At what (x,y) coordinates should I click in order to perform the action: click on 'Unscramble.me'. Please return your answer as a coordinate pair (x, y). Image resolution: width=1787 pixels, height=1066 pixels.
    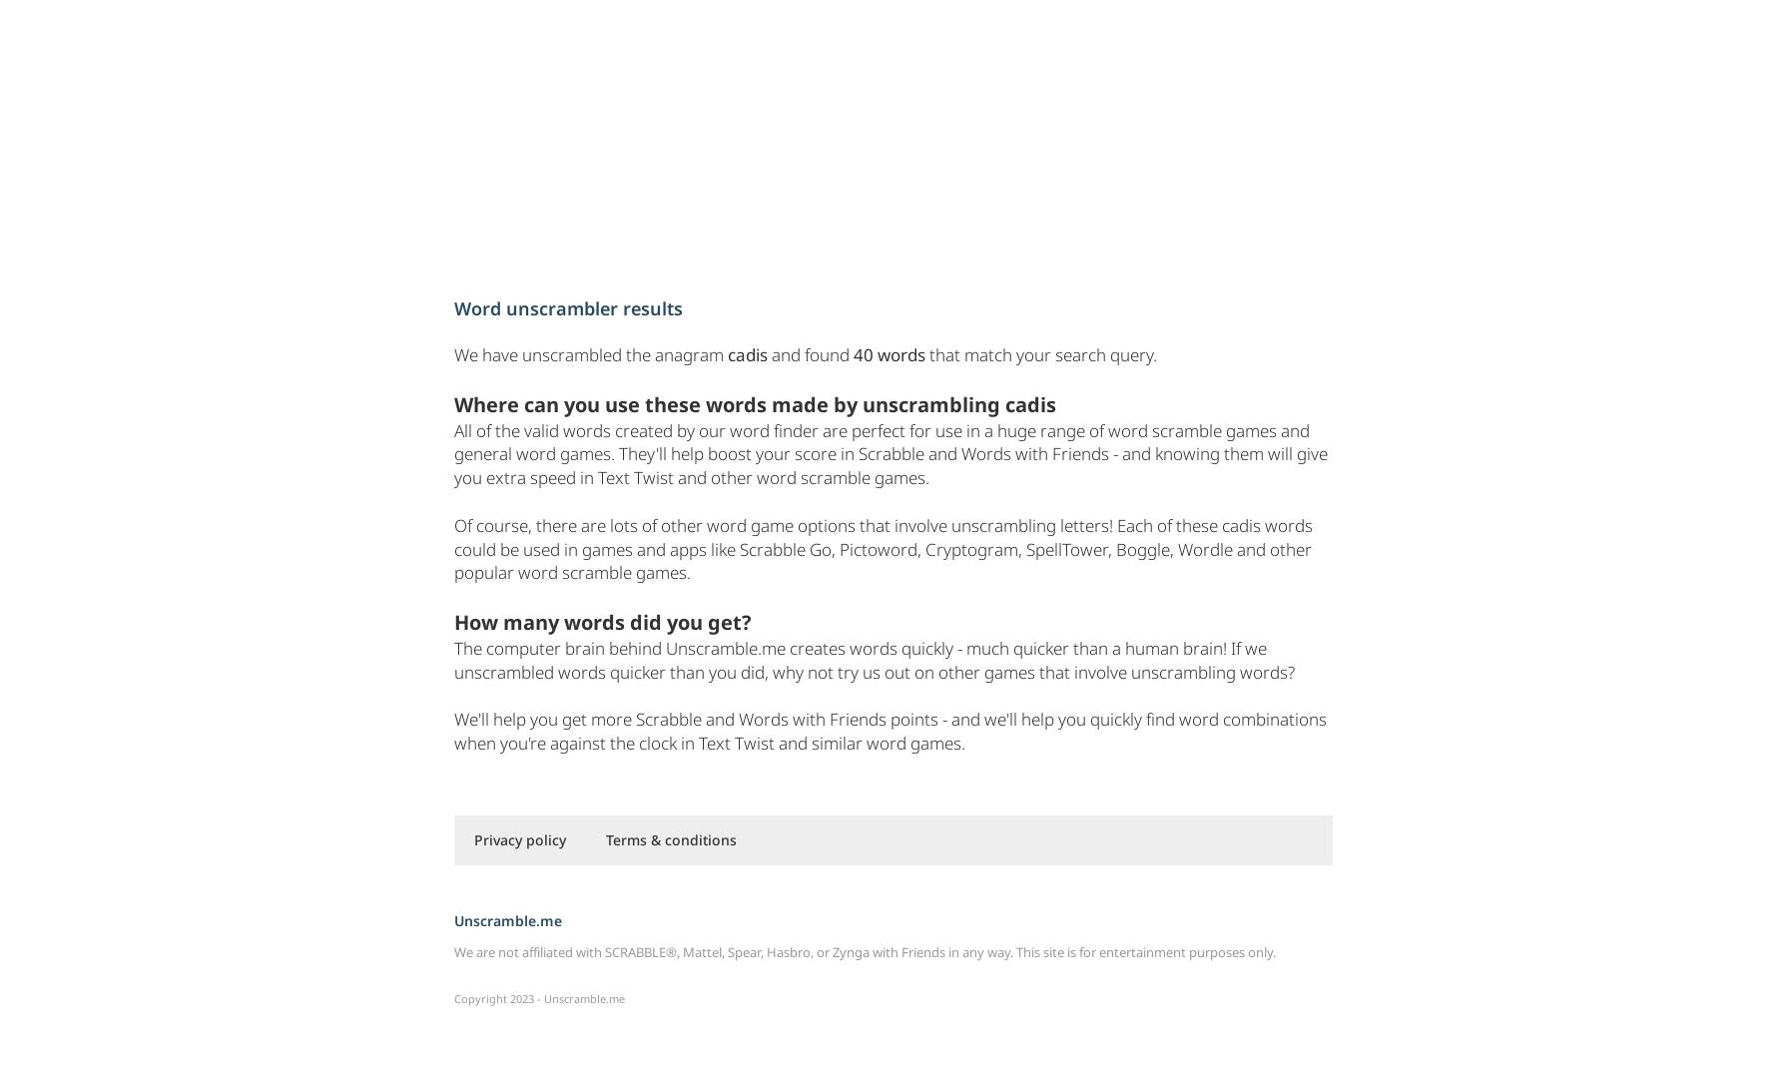
    Looking at the image, I should click on (507, 918).